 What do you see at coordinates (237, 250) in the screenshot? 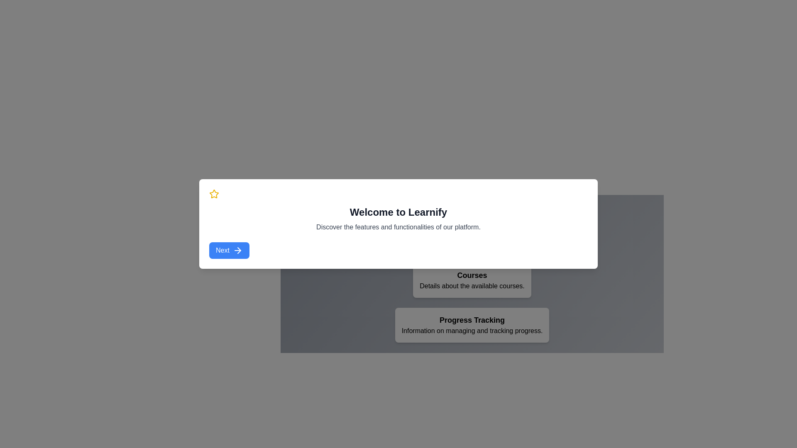
I see `the right-arrow SVG icon that signifies forward navigation, located within the blue 'Next' button at the lower-left corner of the modal window` at bounding box center [237, 250].